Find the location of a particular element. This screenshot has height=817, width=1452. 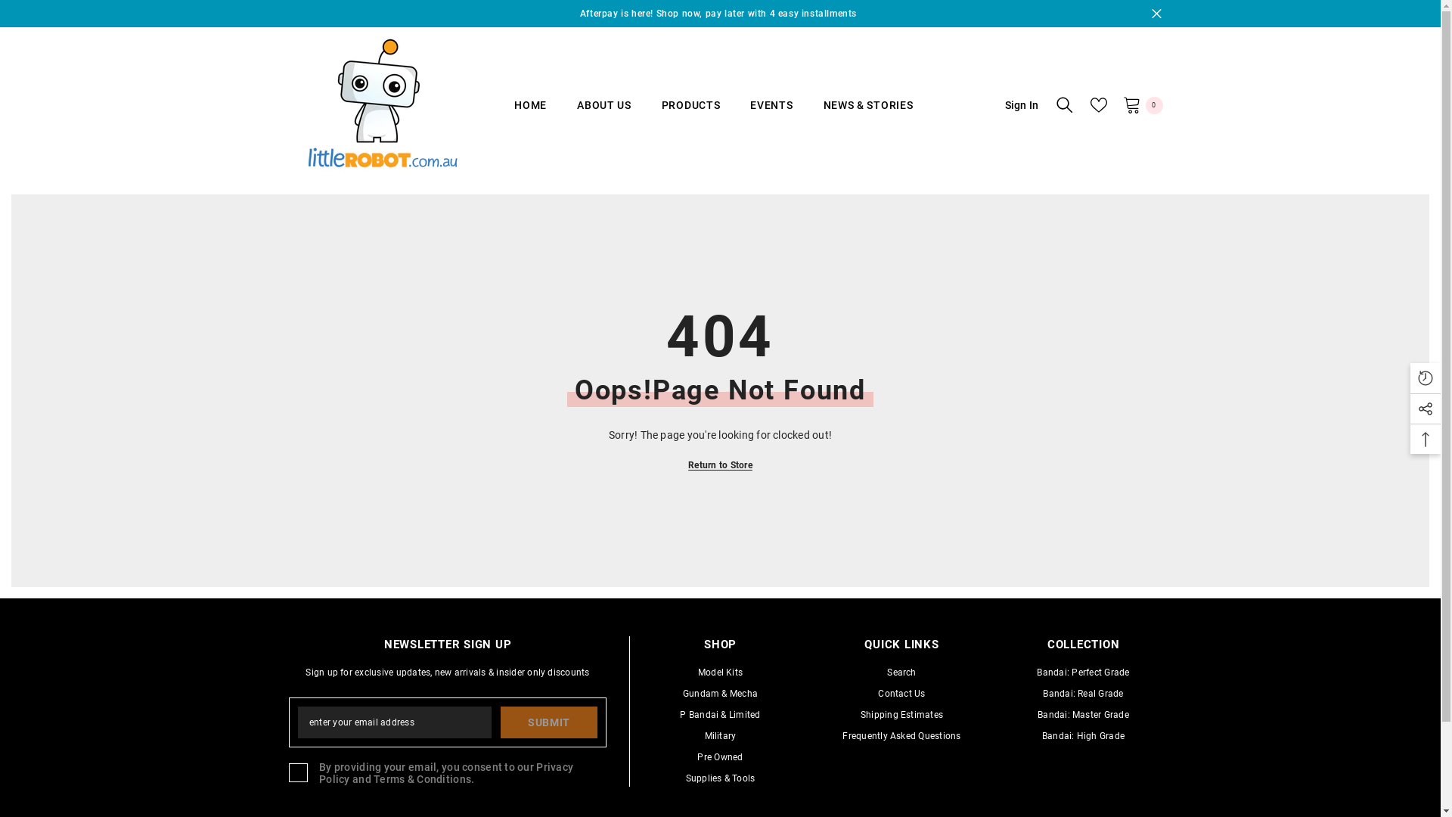

'HOME' is located at coordinates (530, 114).